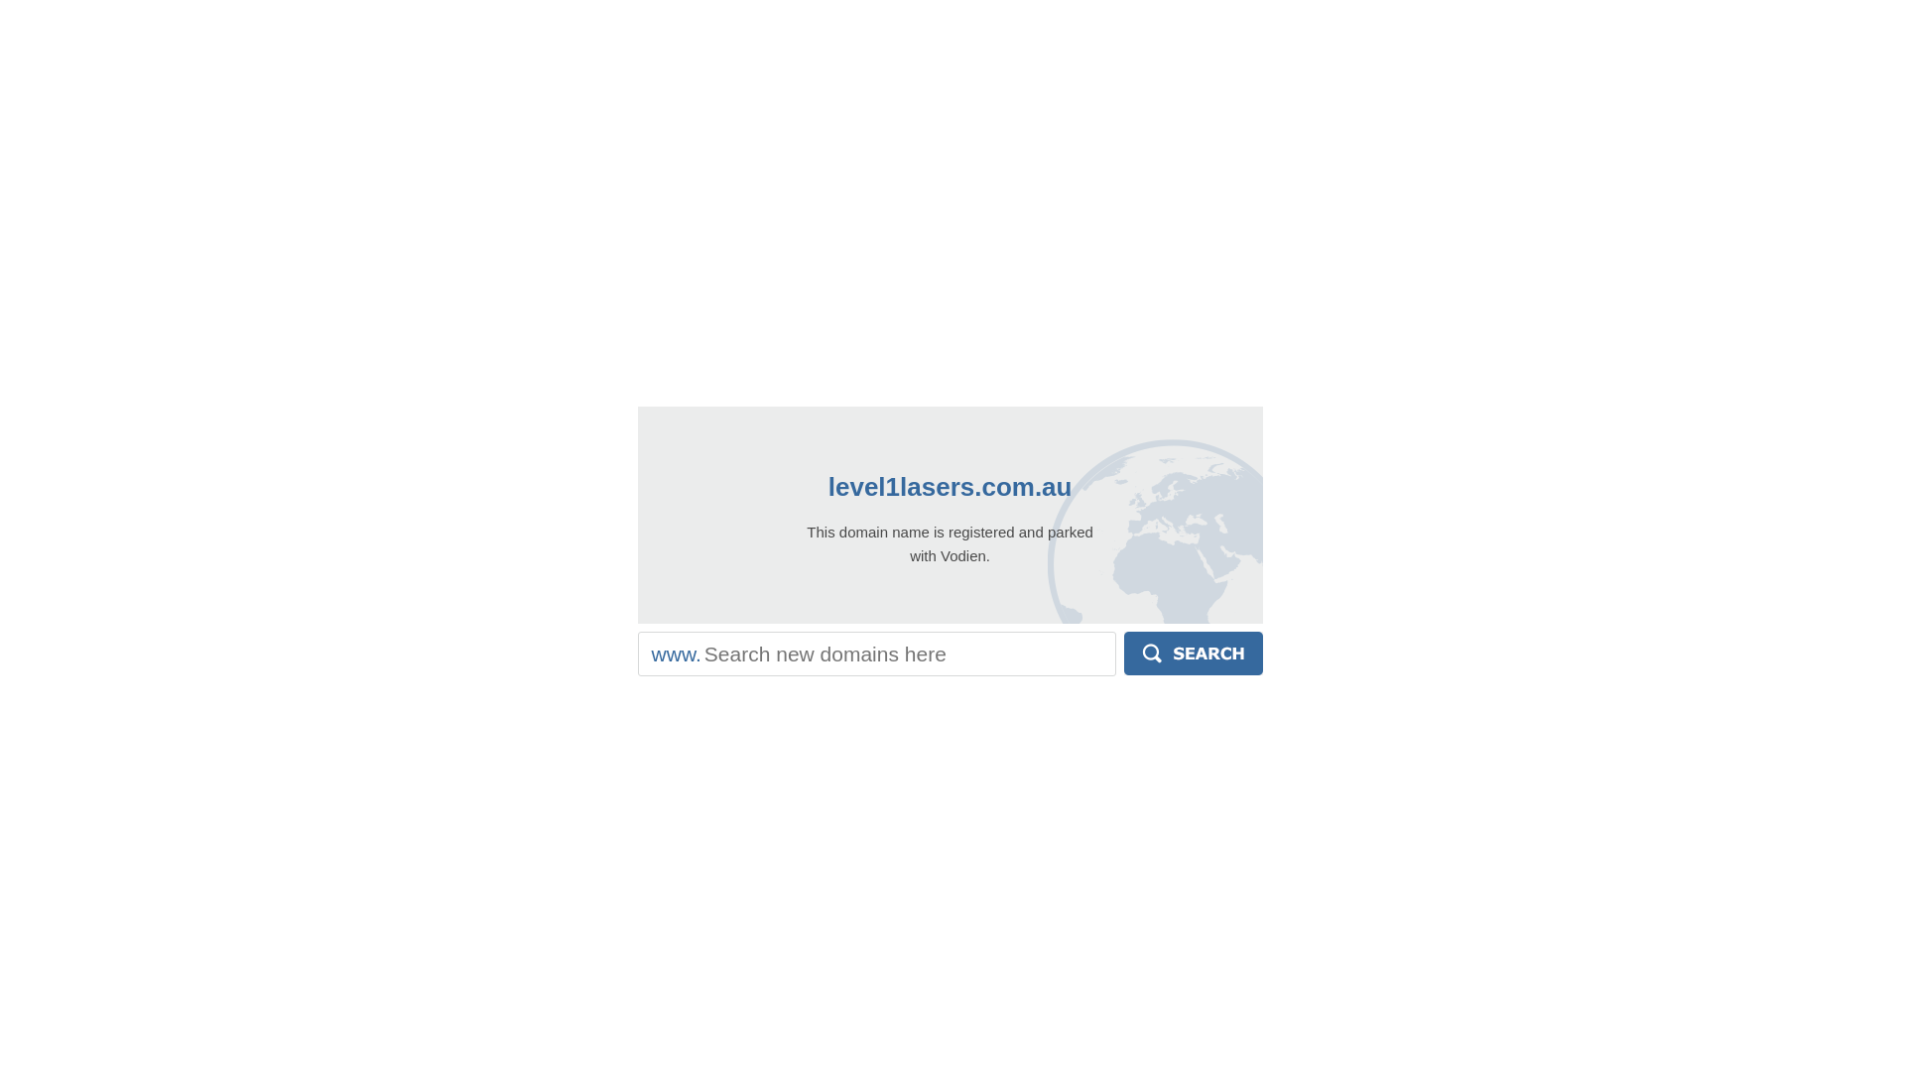  Describe the element at coordinates (1193, 654) in the screenshot. I see `'Search'` at that location.